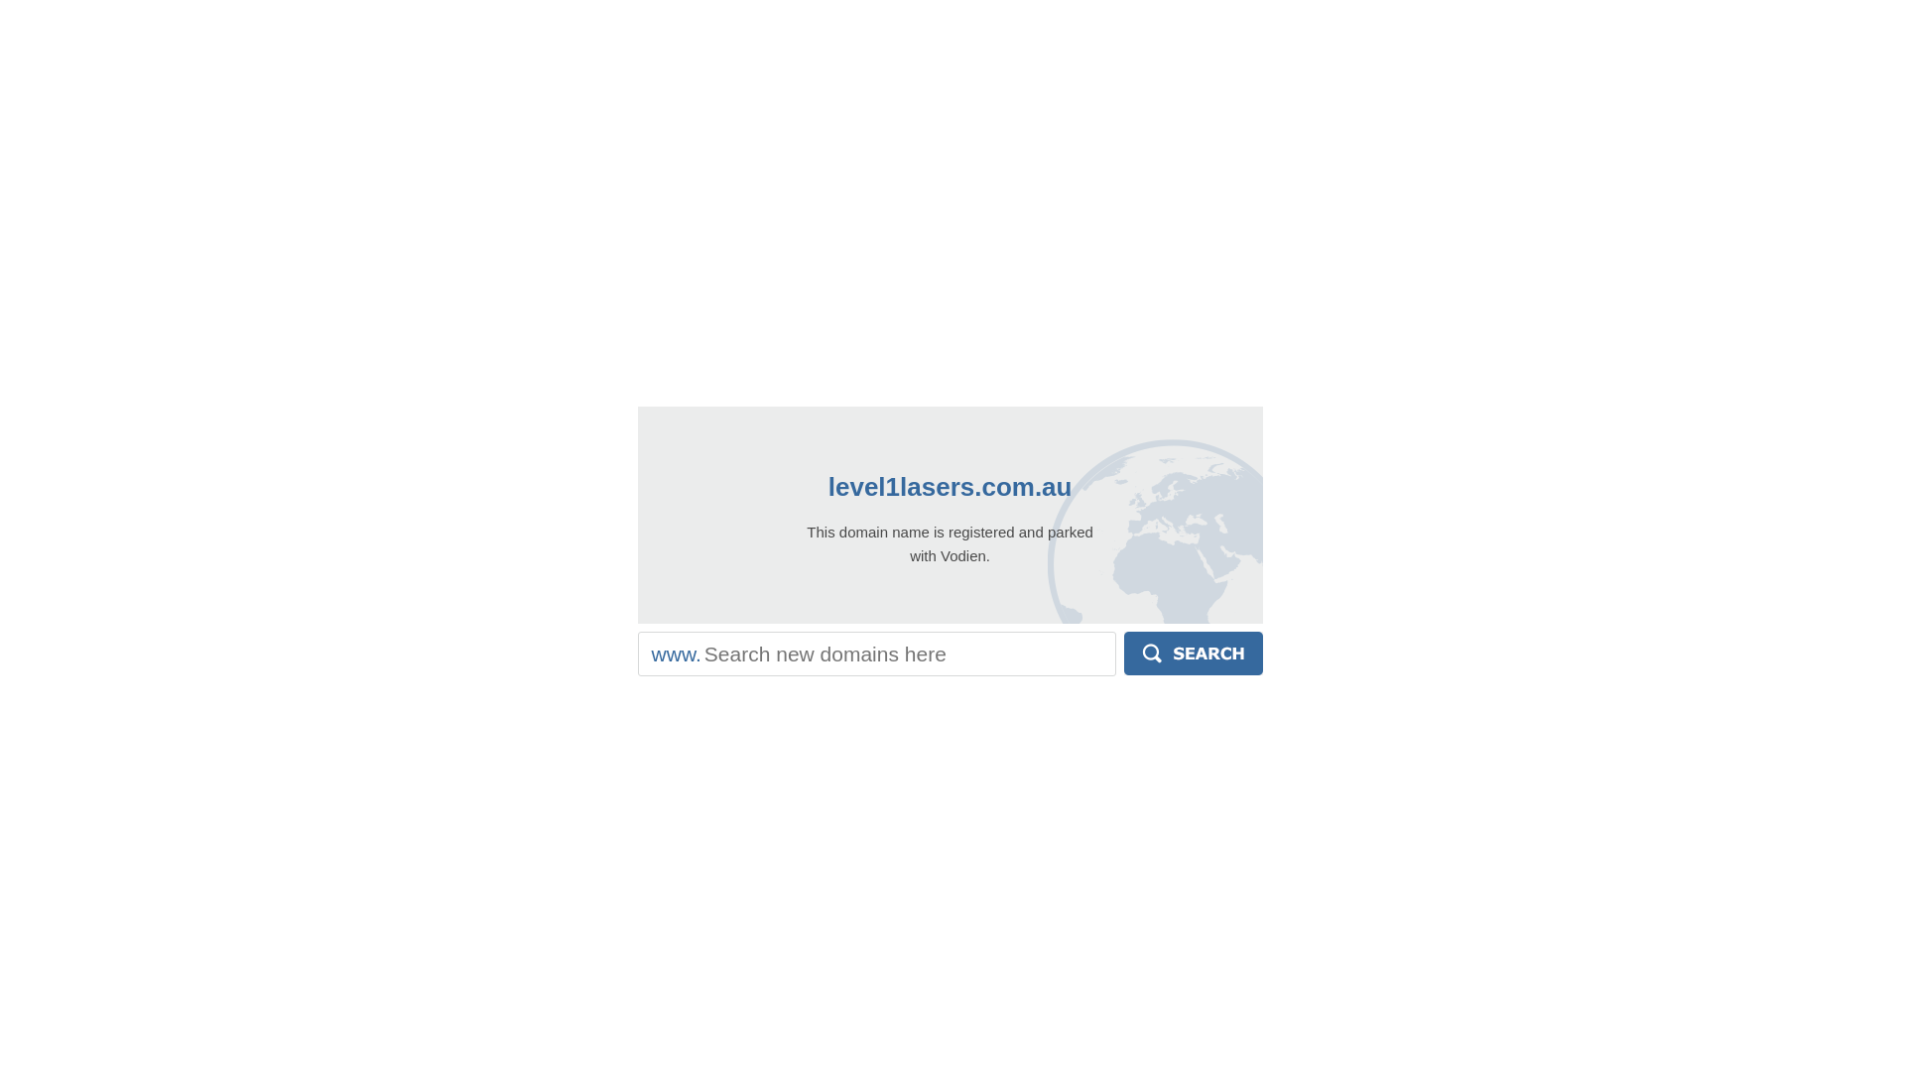  Describe the element at coordinates (1193, 654) in the screenshot. I see `'Search'` at that location.